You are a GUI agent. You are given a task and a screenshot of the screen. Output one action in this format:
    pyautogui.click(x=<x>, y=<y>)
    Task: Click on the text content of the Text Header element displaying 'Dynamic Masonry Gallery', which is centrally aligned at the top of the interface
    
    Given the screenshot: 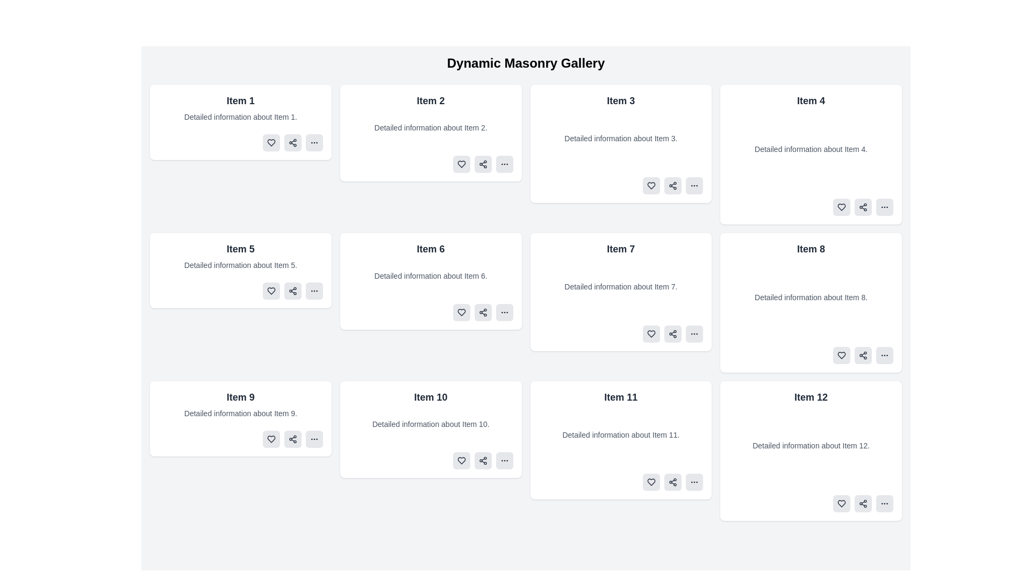 What is the action you would take?
    pyautogui.click(x=526, y=63)
    